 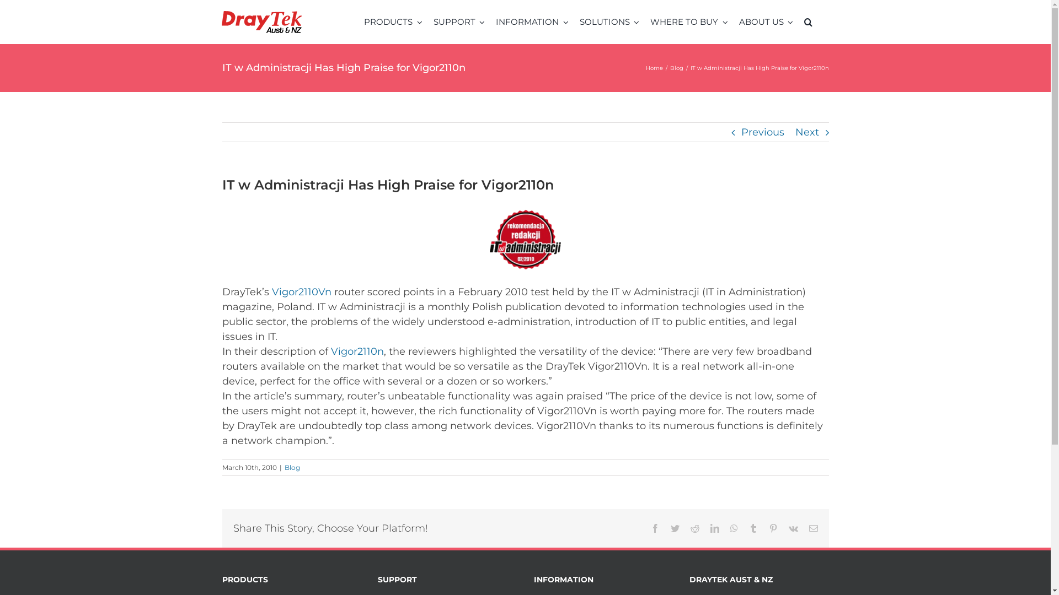 What do you see at coordinates (489, 21) in the screenshot?
I see `'INFORMATION'` at bounding box center [489, 21].